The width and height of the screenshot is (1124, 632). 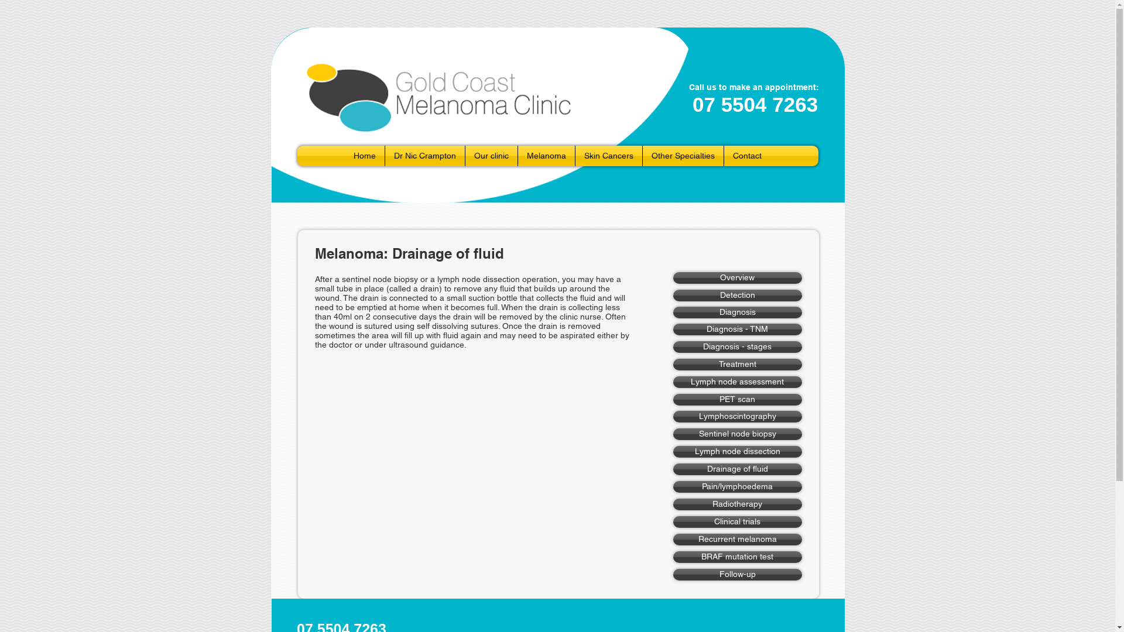 I want to click on 'Treatment', so click(x=673, y=364).